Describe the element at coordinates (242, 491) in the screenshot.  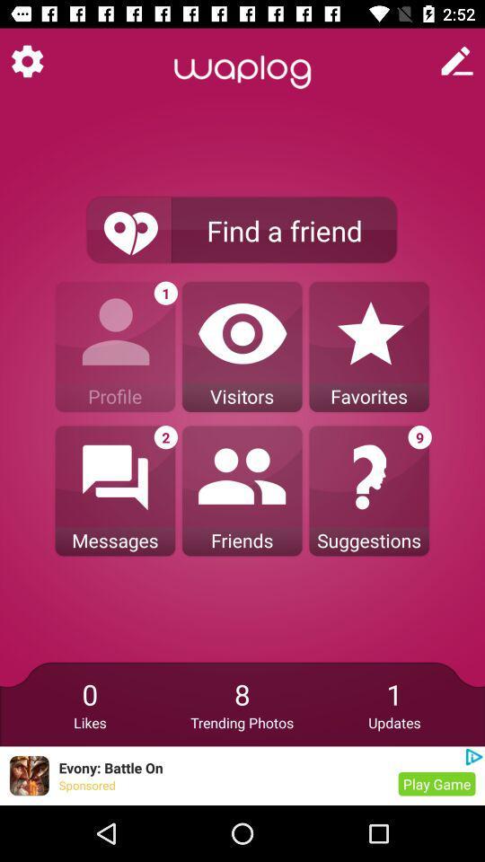
I see `friends` at that location.